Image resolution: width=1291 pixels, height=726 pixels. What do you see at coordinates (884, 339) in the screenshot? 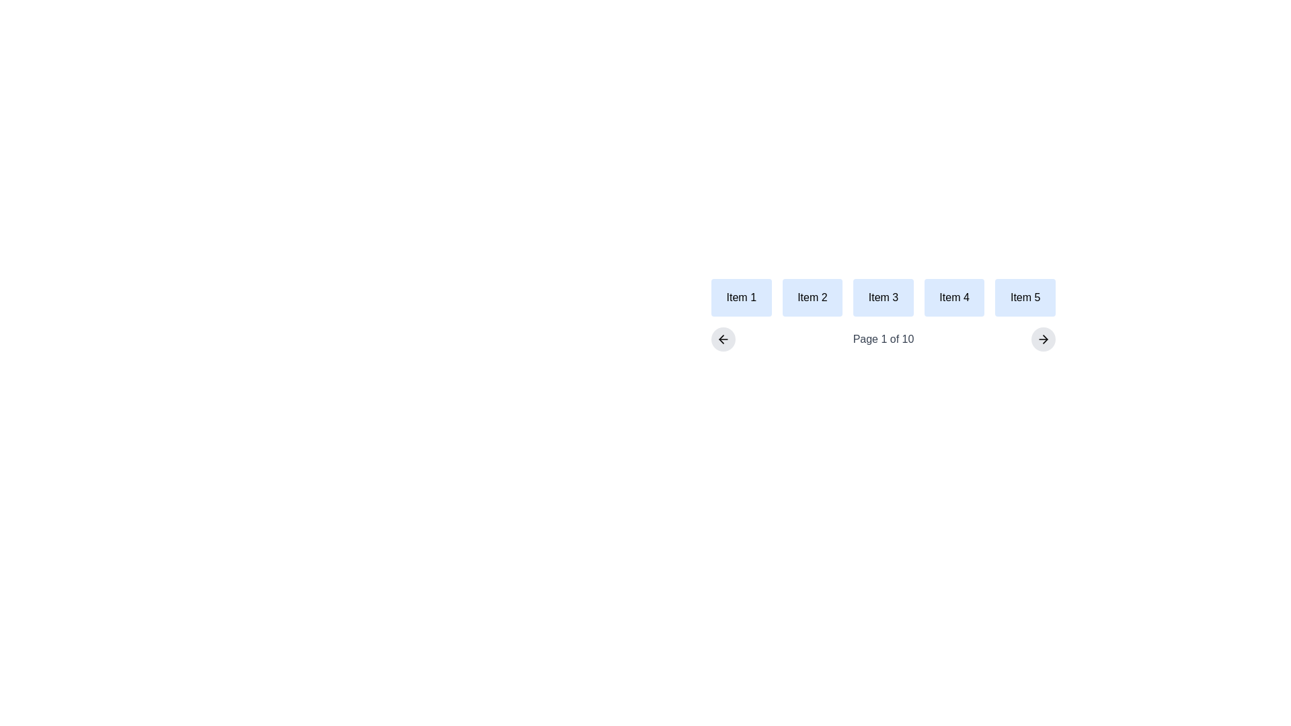
I see `the text label displaying the current page number and total pages within the pagination control section at the bottom of the grid layout` at bounding box center [884, 339].